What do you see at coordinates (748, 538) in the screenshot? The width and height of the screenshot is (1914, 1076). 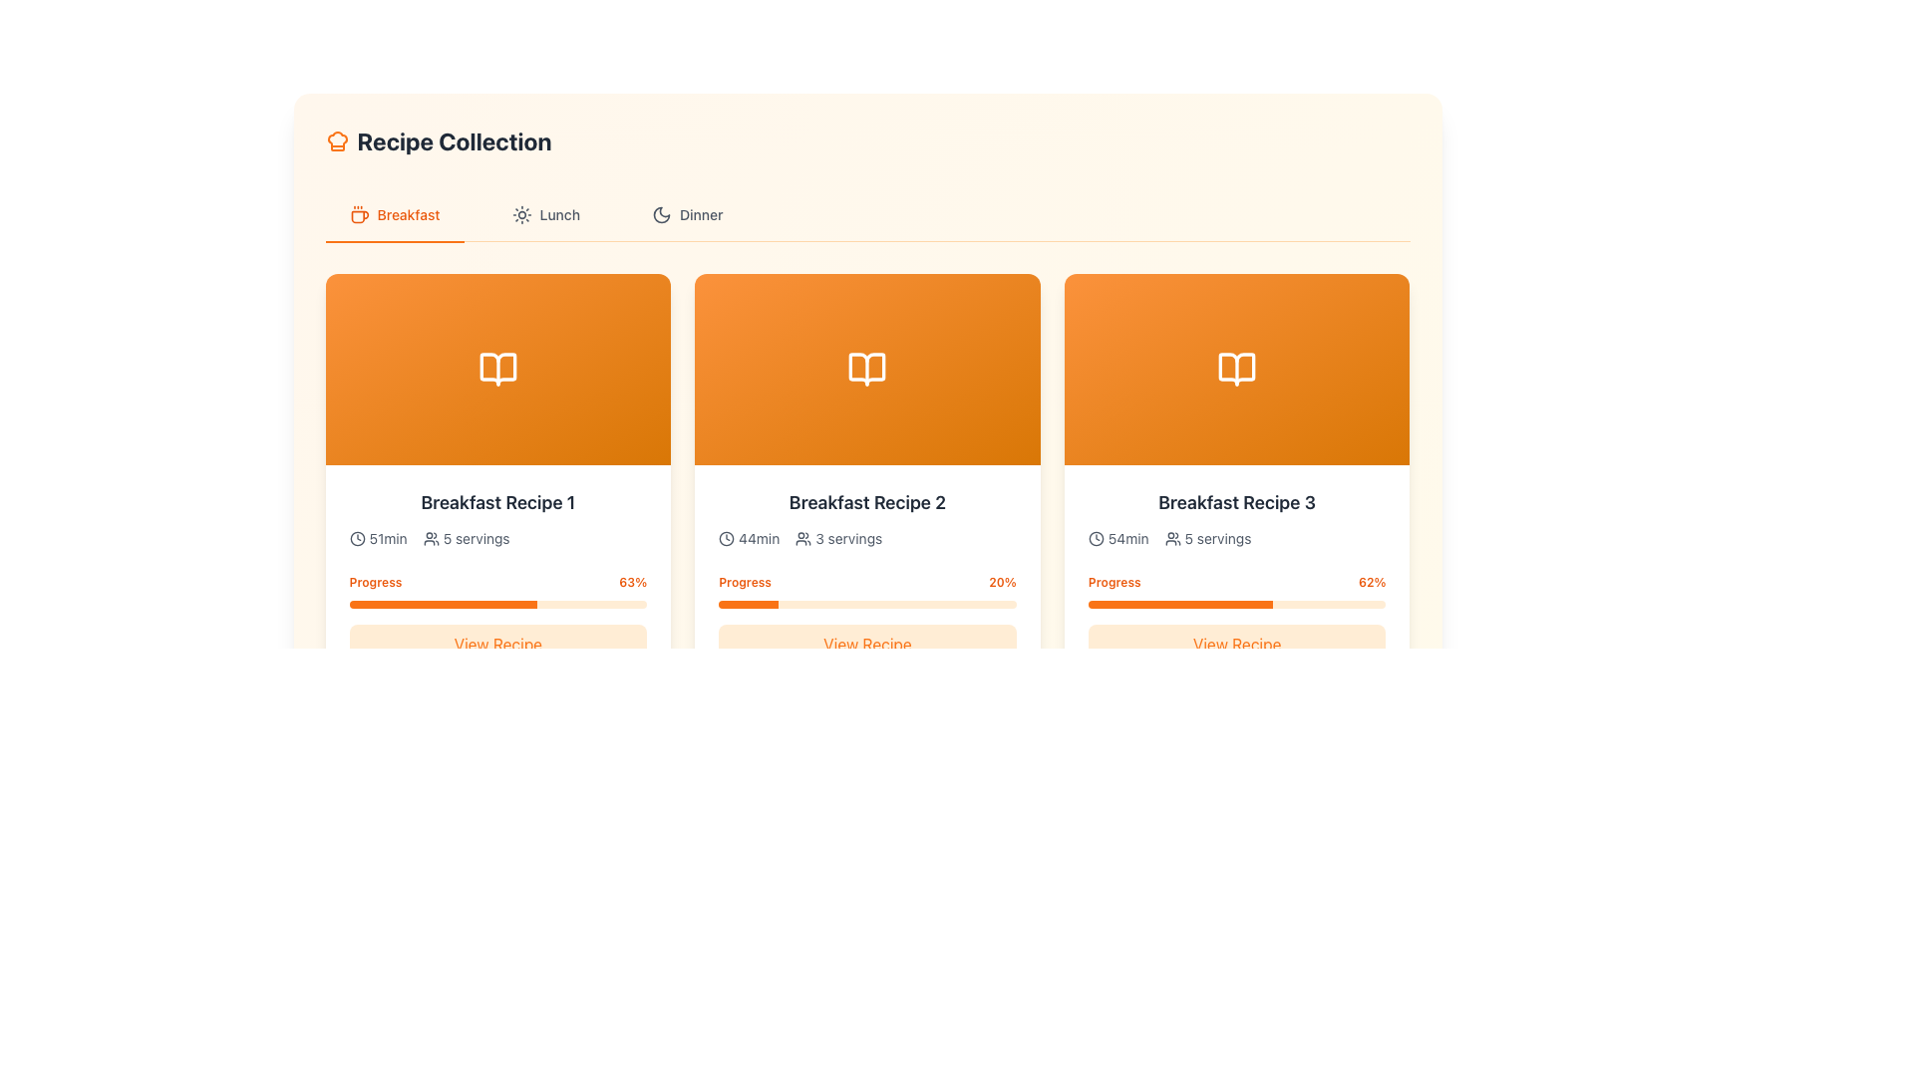 I see `time displayed on the informational label with an icon located in the 'Breakfast Recipe 2' section, positioned in the upper-left area of the card, below the title` at bounding box center [748, 538].